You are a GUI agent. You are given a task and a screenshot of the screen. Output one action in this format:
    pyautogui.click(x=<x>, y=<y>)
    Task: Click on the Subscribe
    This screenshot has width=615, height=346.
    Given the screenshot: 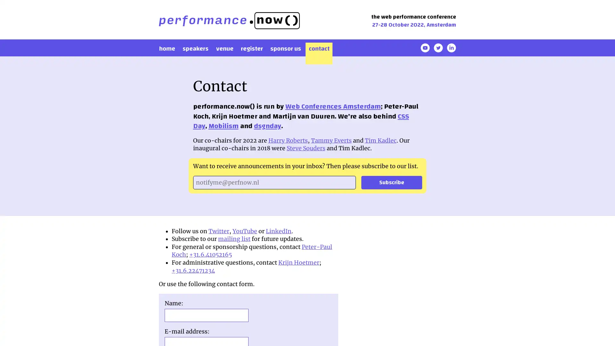 What is the action you would take?
    pyautogui.click(x=391, y=182)
    